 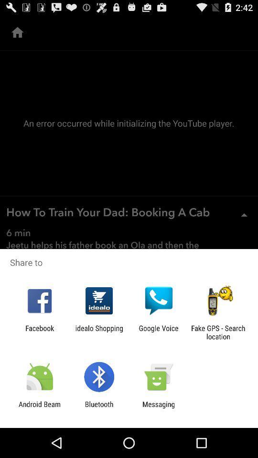 What do you see at coordinates (39, 408) in the screenshot?
I see `android beam item` at bounding box center [39, 408].